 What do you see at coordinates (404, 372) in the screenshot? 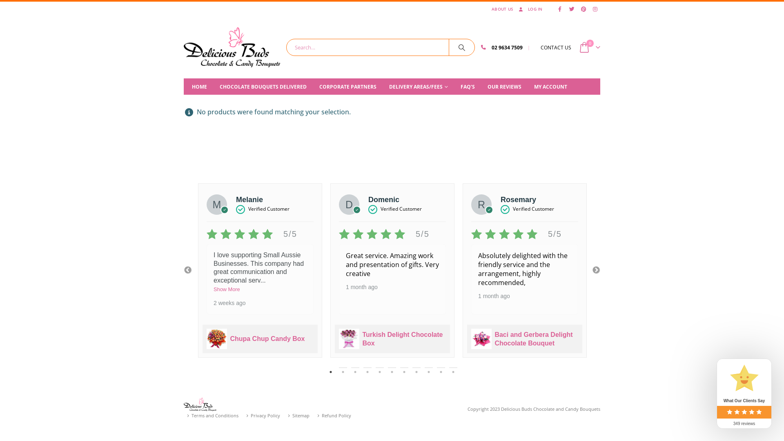
I see `'7'` at bounding box center [404, 372].